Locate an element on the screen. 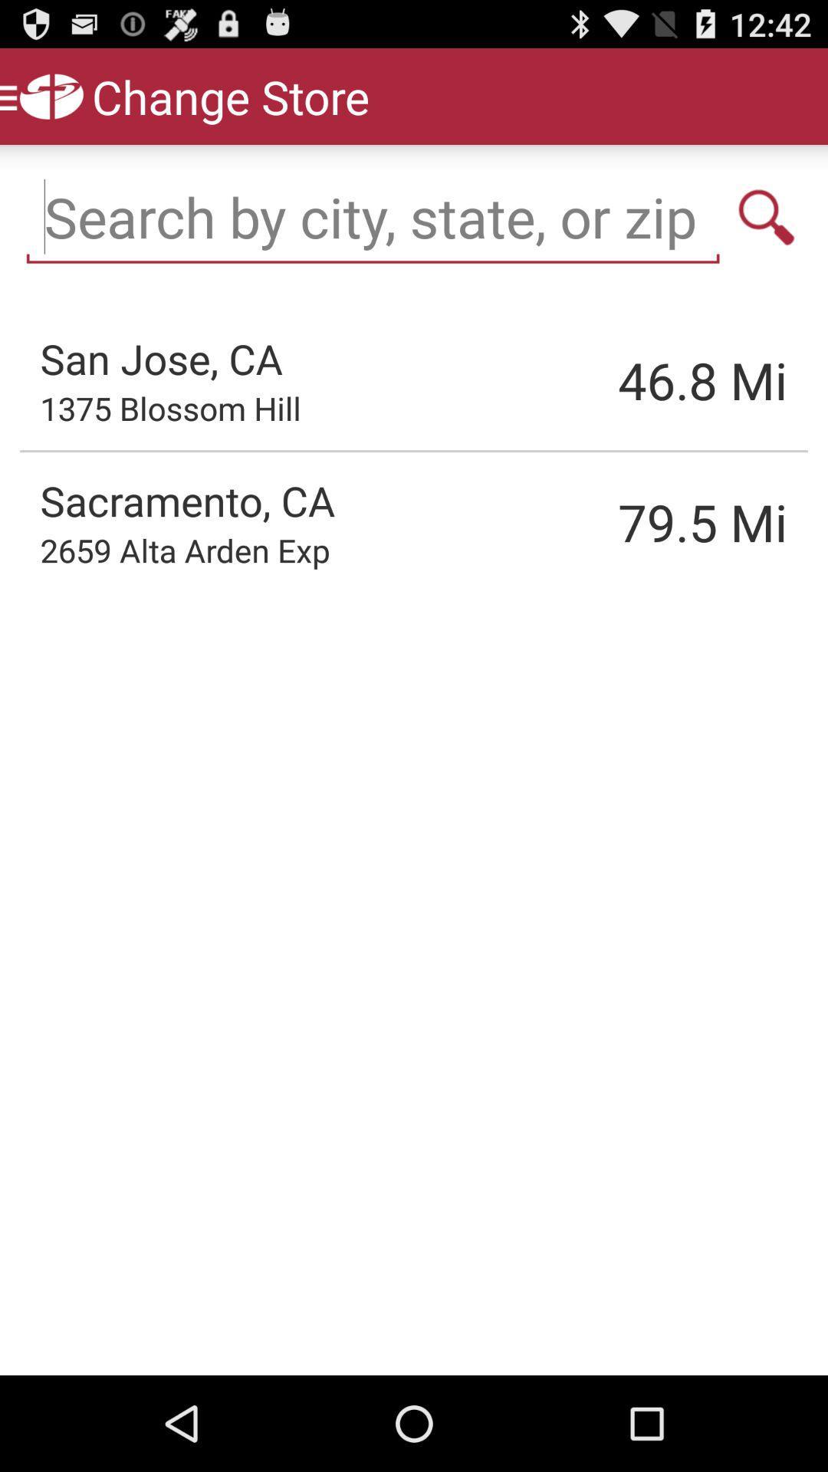  search city state or zip is located at coordinates (767, 216).